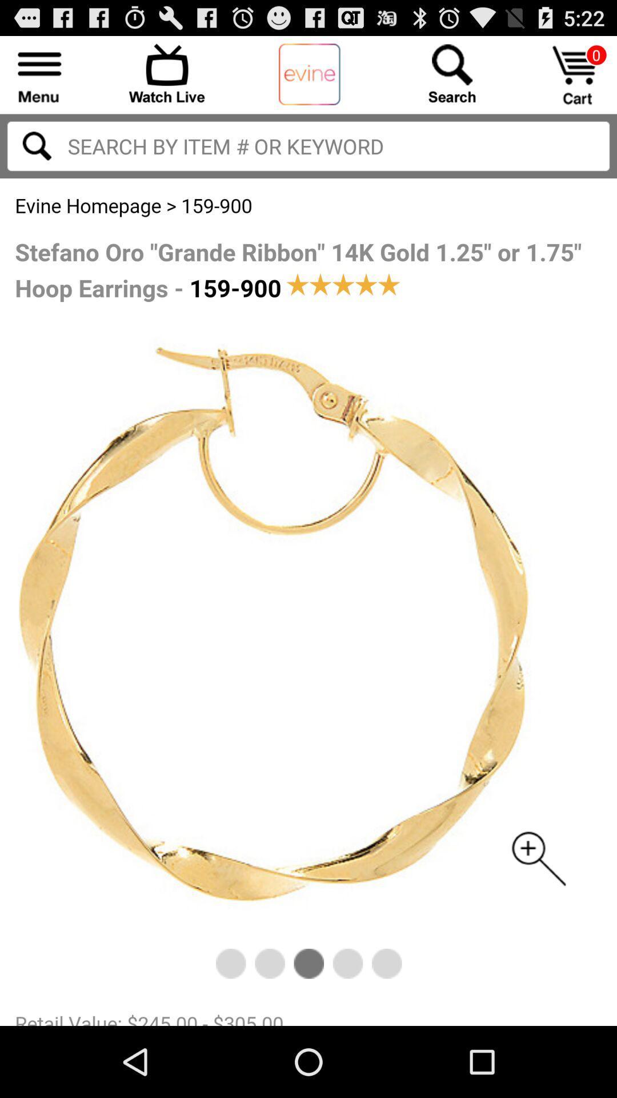 The height and width of the screenshot is (1098, 617). Describe the element at coordinates (308, 601) in the screenshot. I see `click full image` at that location.